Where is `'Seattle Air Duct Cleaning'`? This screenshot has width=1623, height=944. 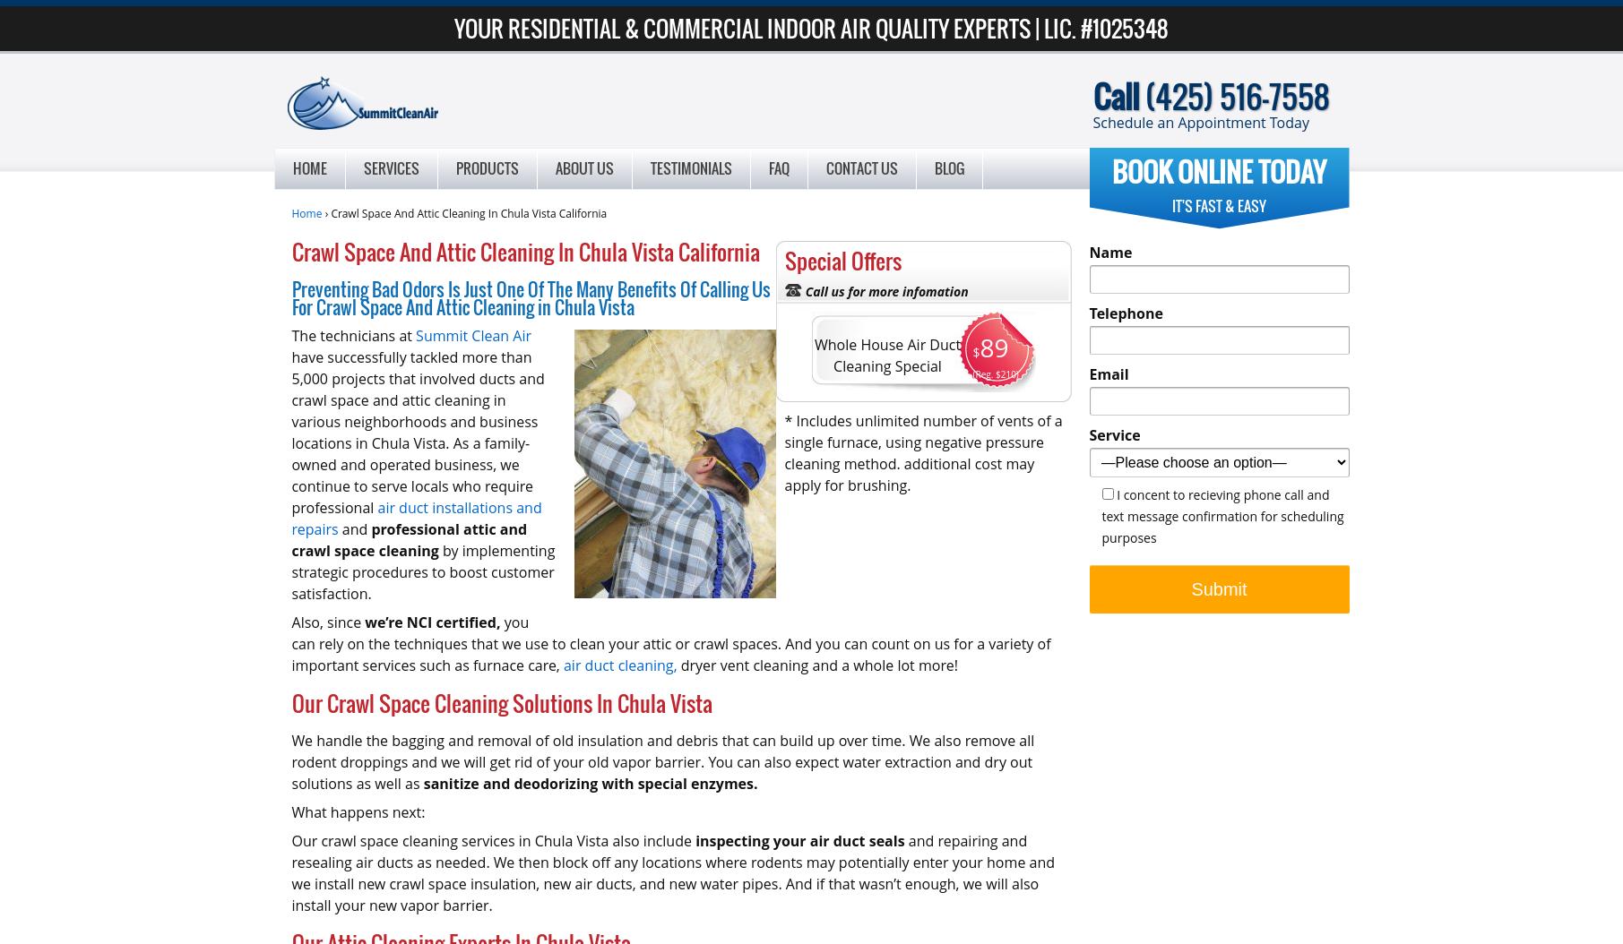
'Seattle Air Duct Cleaning' is located at coordinates (554, 238).